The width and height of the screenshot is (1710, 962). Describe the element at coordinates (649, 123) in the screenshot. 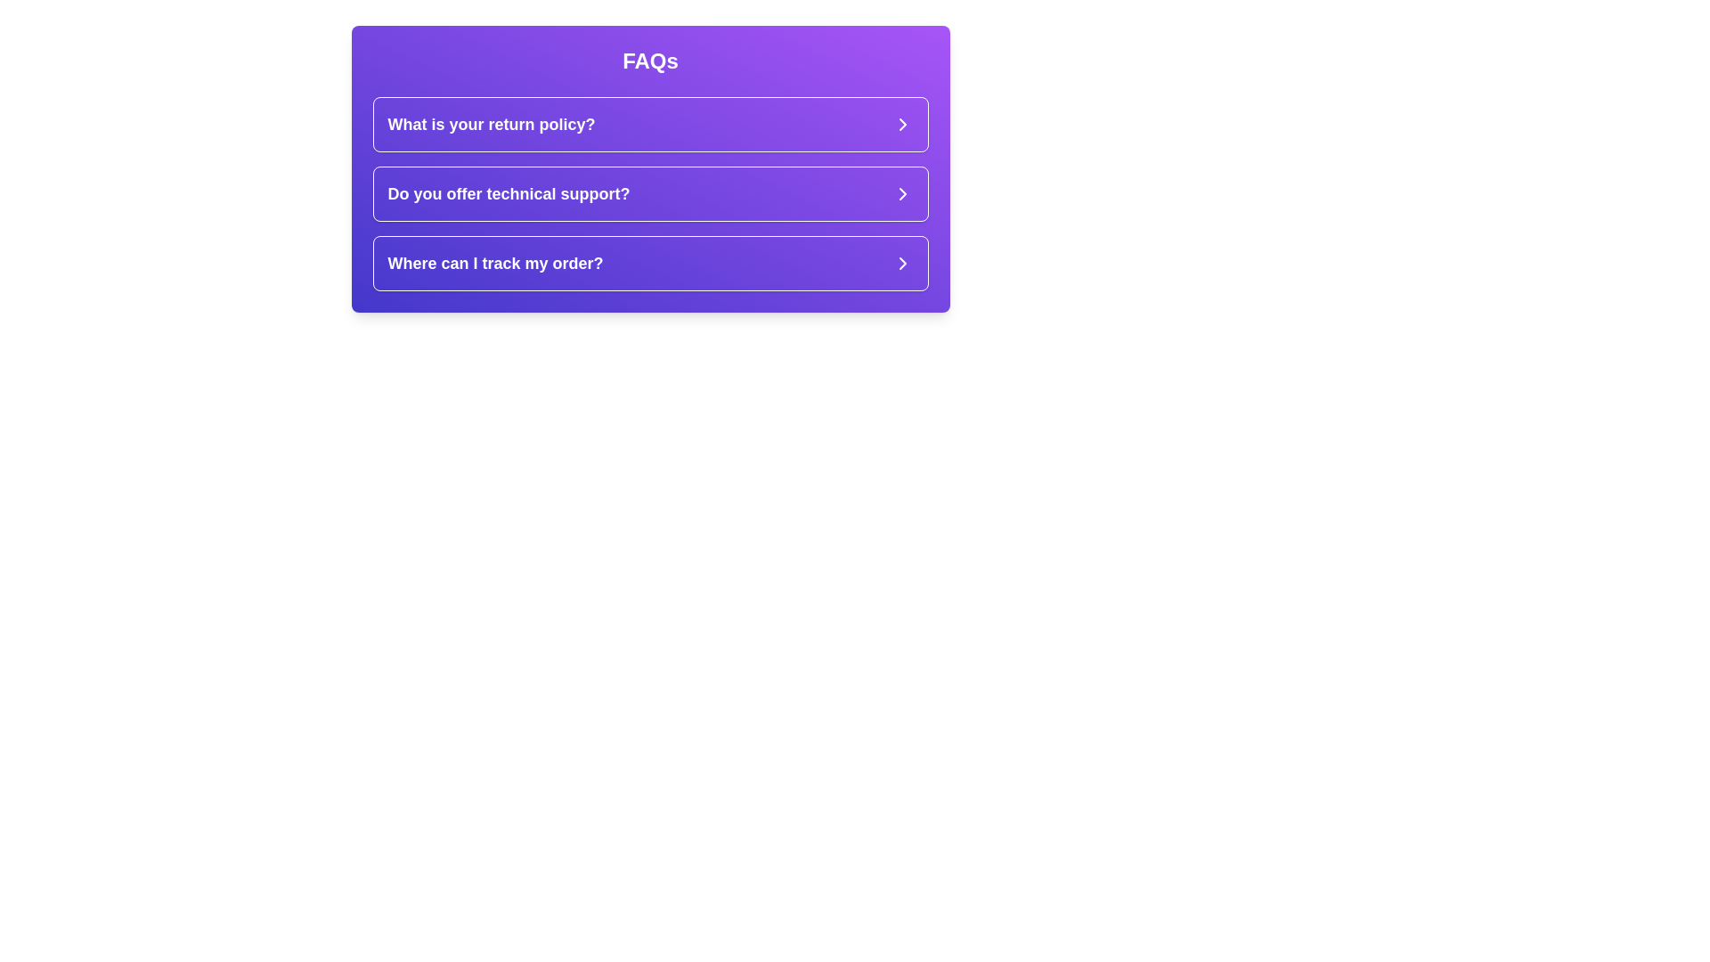

I see `the first item in the Frequently Asked Questions (FAQs) section` at that location.